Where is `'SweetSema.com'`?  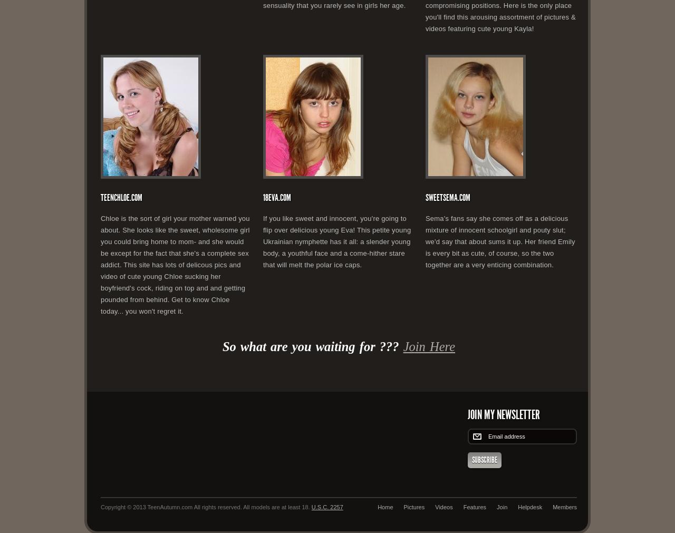
'SweetSema.com' is located at coordinates (448, 197).